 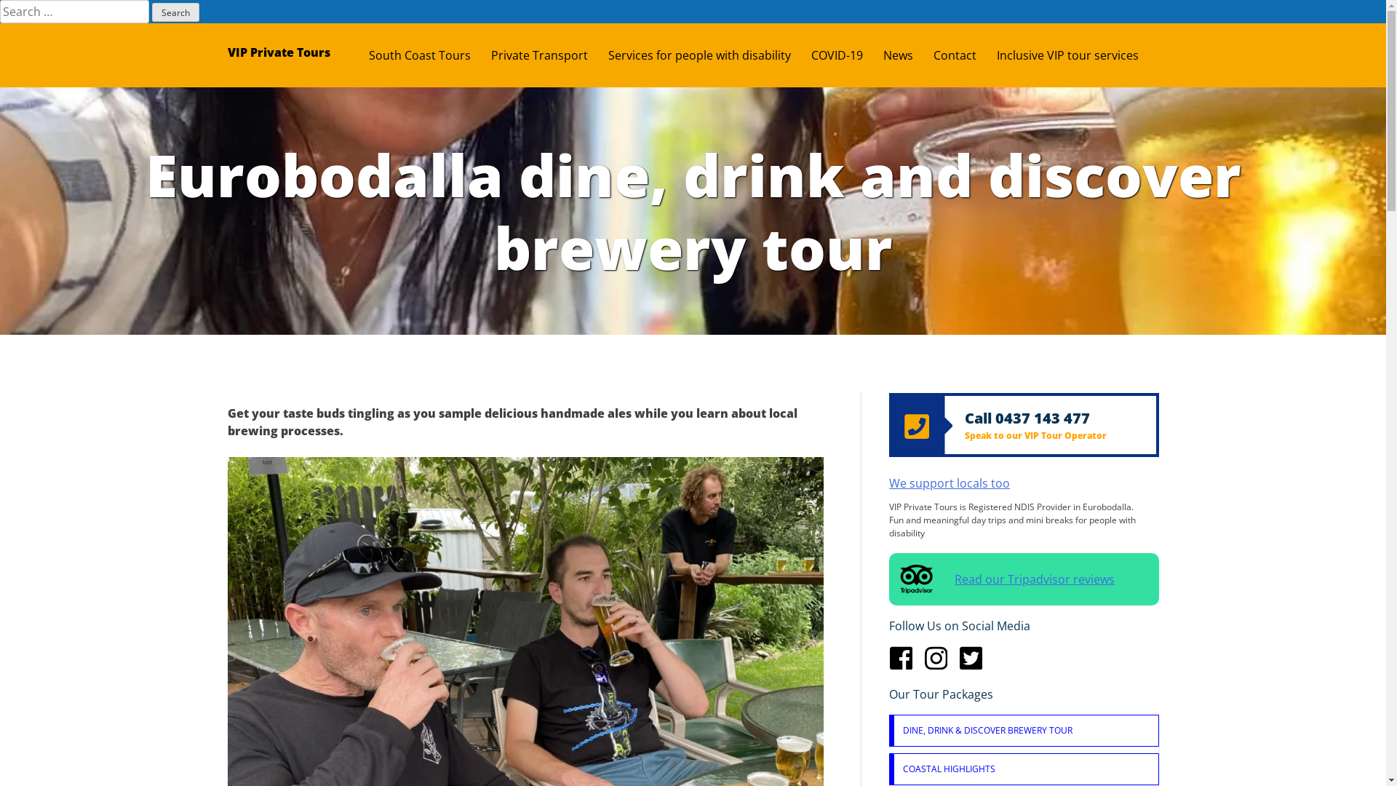 What do you see at coordinates (1025, 768) in the screenshot?
I see `'COASTAL HIGHLIGHTS'` at bounding box center [1025, 768].